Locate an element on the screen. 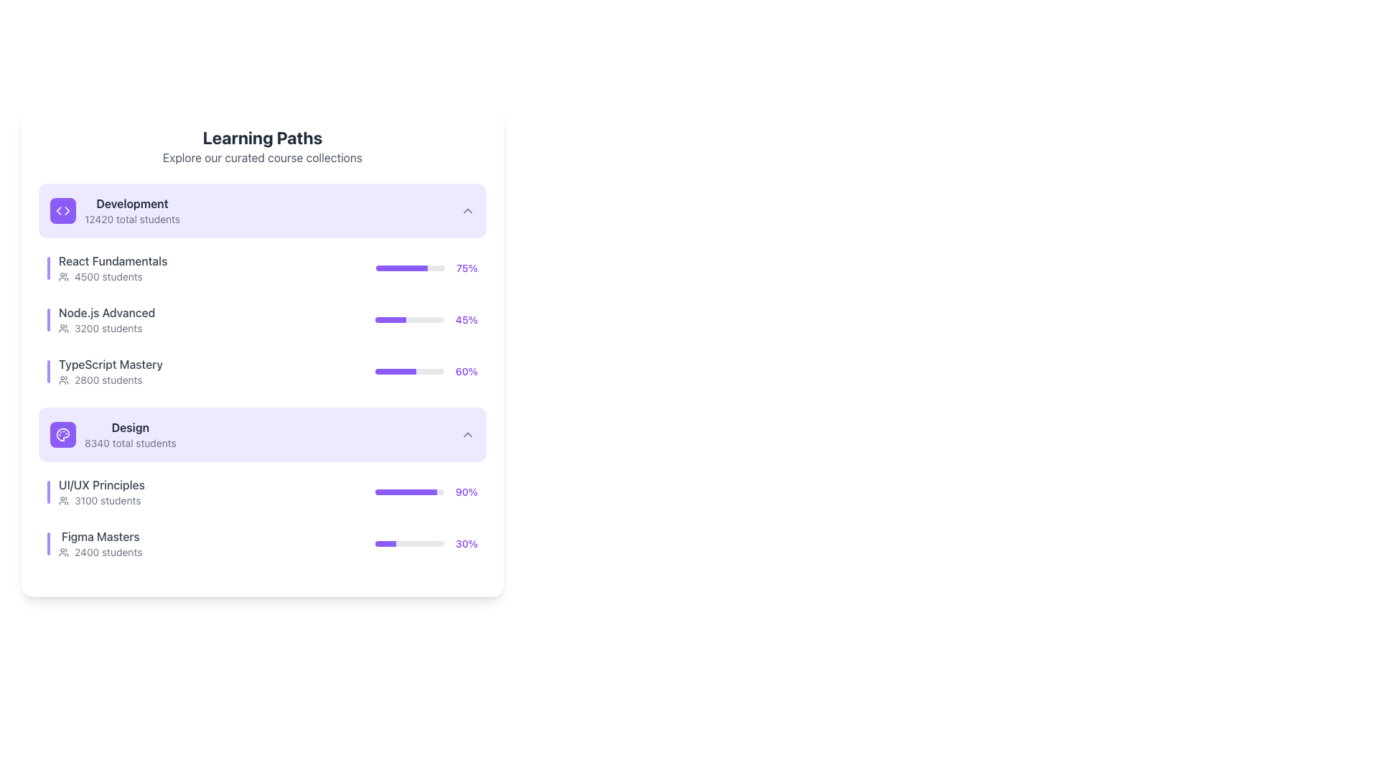 This screenshot has height=775, width=1378. the 'Development' section text, which includes the title 'Development' in bold and the subtitle '12420 total students' is located at coordinates (115, 210).